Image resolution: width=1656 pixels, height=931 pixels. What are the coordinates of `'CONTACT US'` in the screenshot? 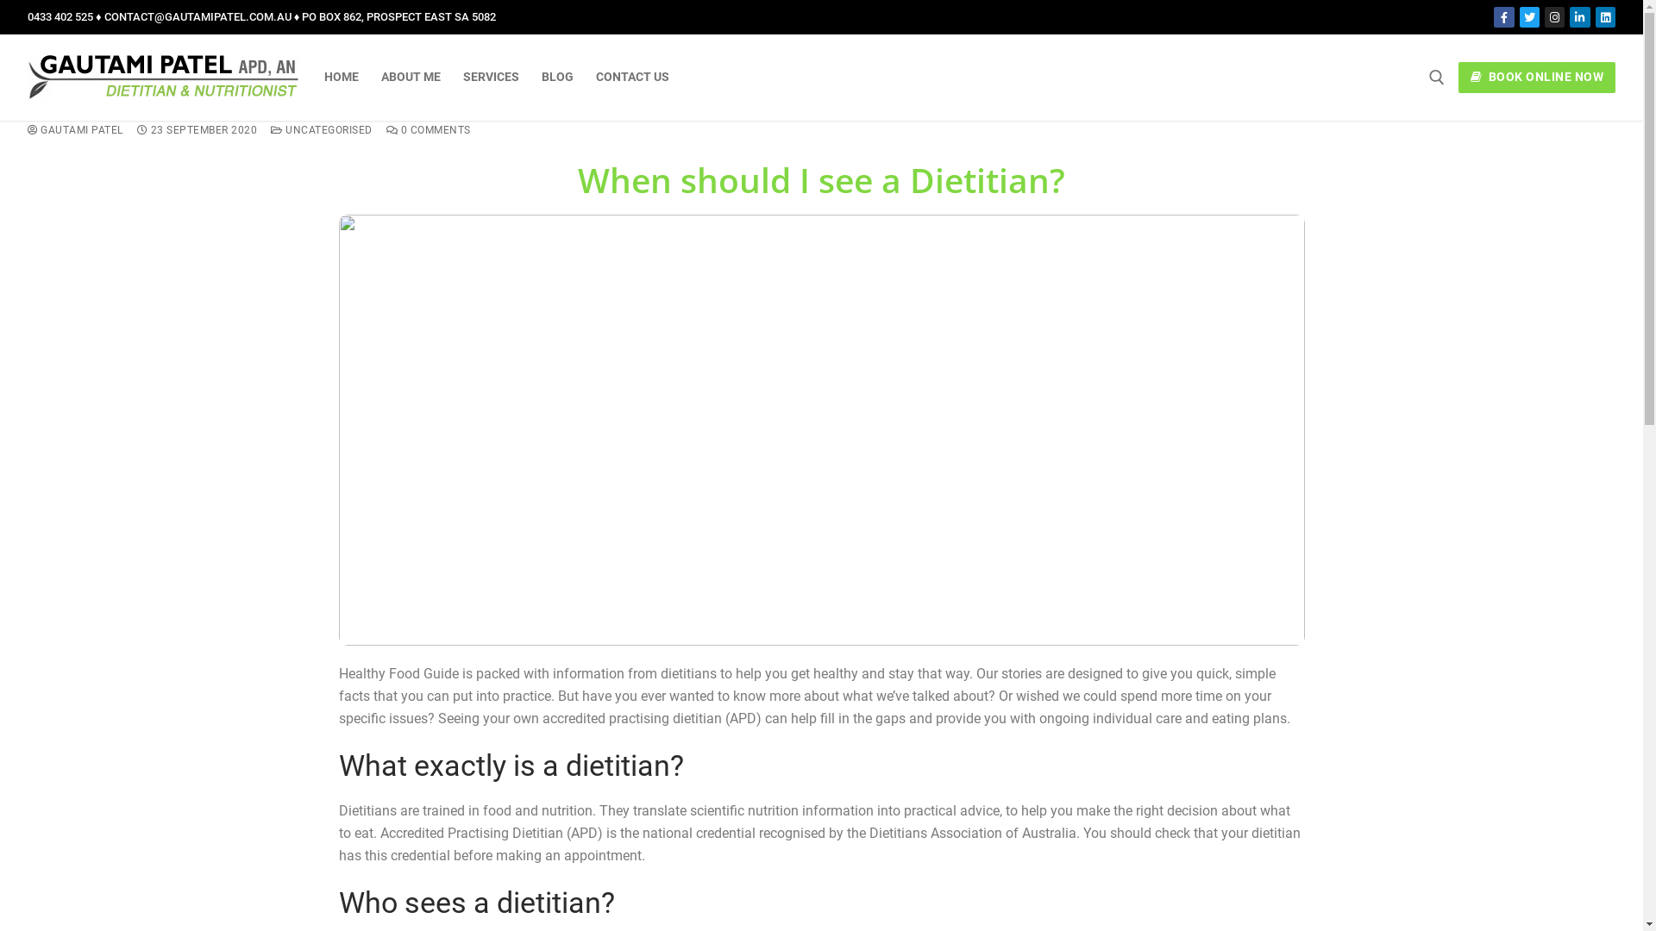 It's located at (631, 76).